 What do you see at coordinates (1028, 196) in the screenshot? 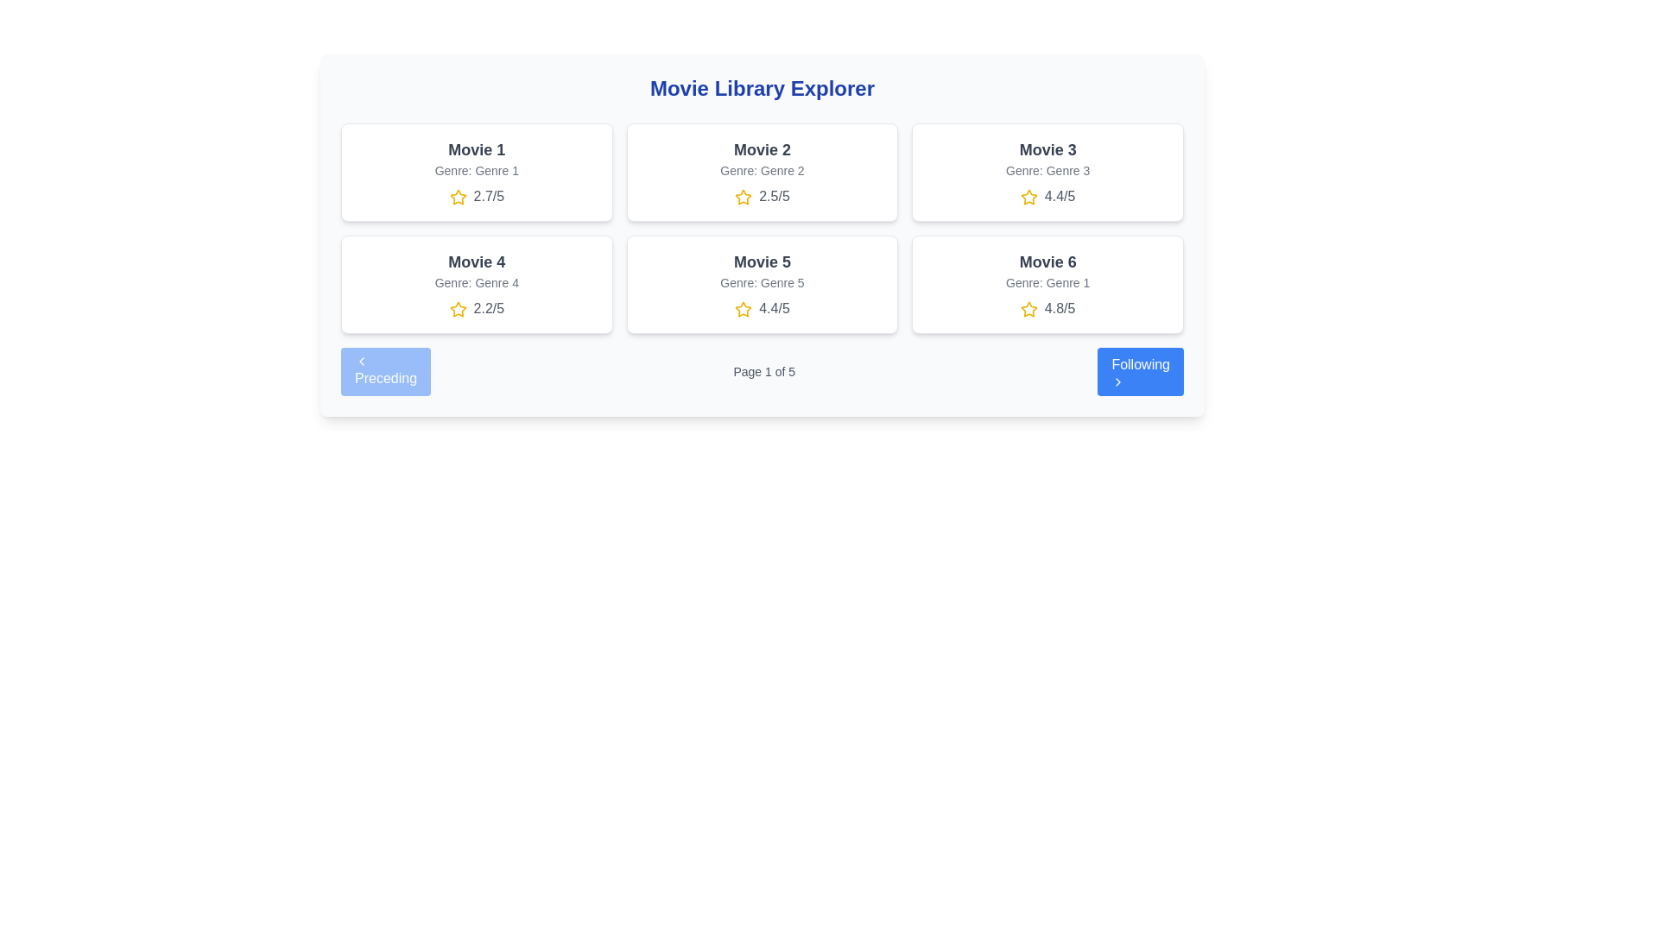
I see `the yellow star icon representing the rating in the Movie 3 card located at the top-right section of the movie grid` at bounding box center [1028, 196].